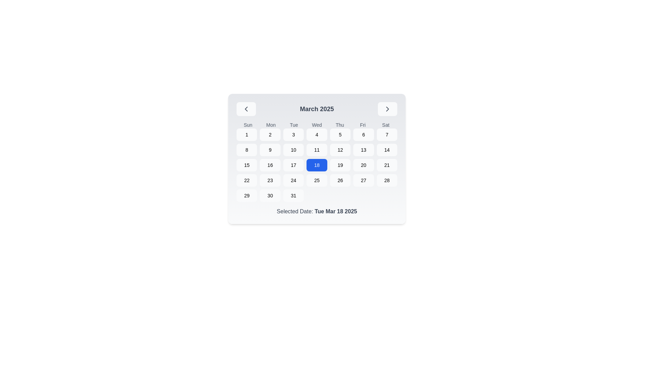 This screenshot has height=374, width=665. What do you see at coordinates (246, 109) in the screenshot?
I see `the Chevron-Left icon located in the top-left corner of the calendar component` at bounding box center [246, 109].